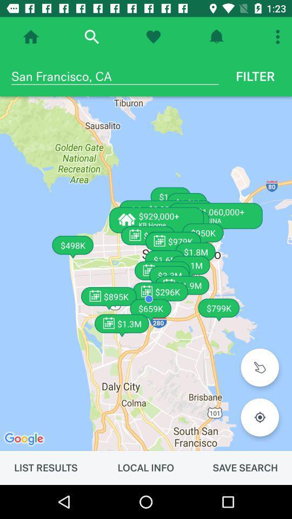 This screenshot has width=292, height=519. Describe the element at coordinates (145, 467) in the screenshot. I see `icon next to save search item` at that location.